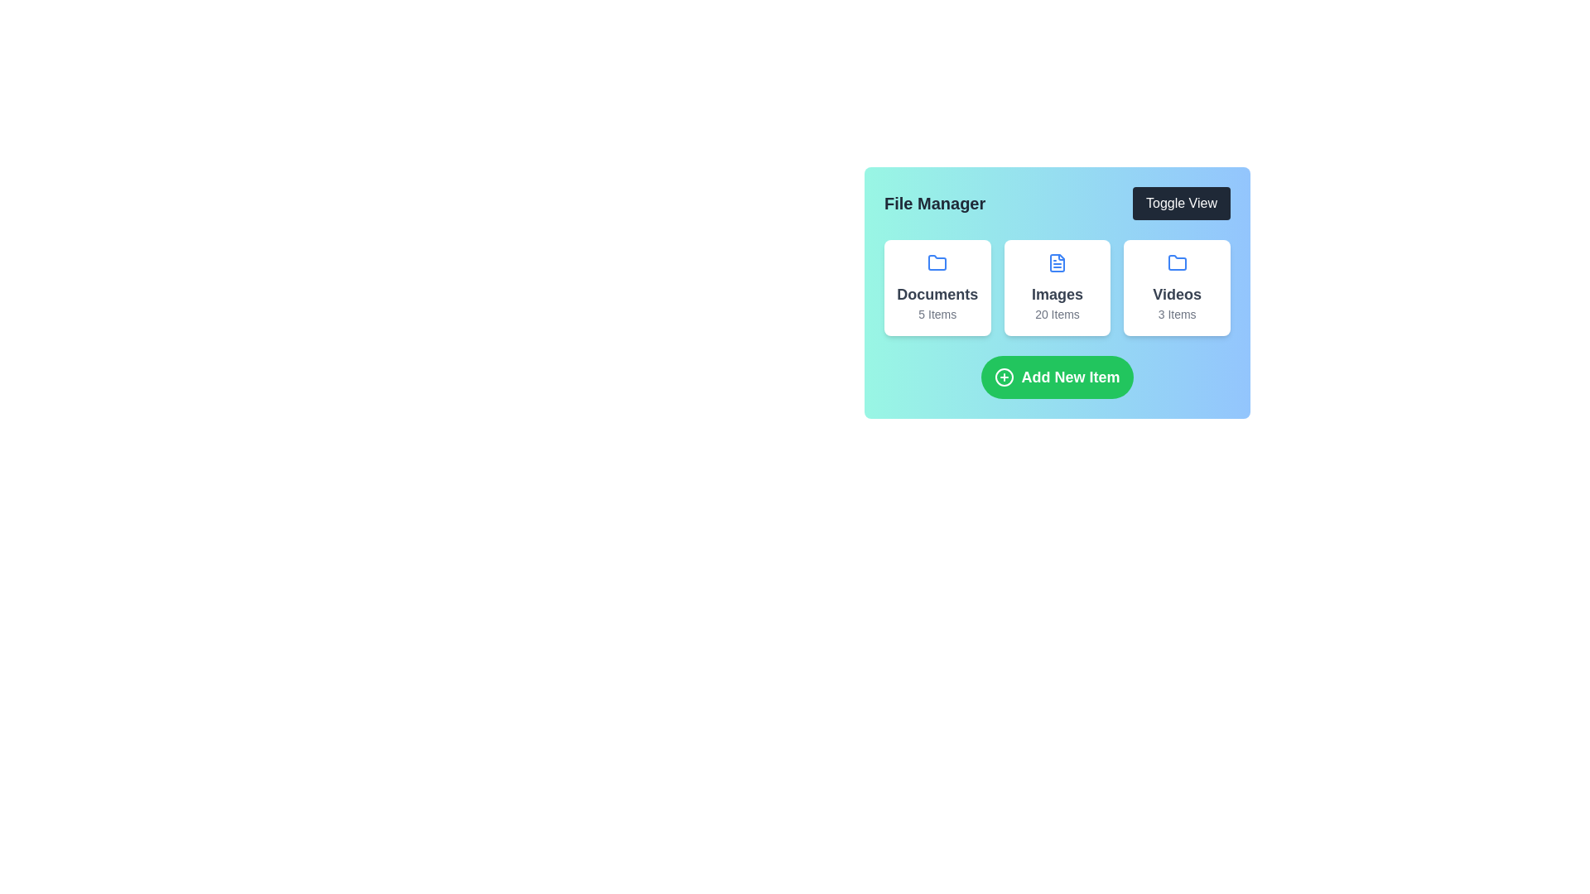 The image size is (1590, 894). Describe the element at coordinates (937, 262) in the screenshot. I see `the folder icon representing the 'Documents' category, located at the top center above the text 'Documents' and '5 Items'` at that location.